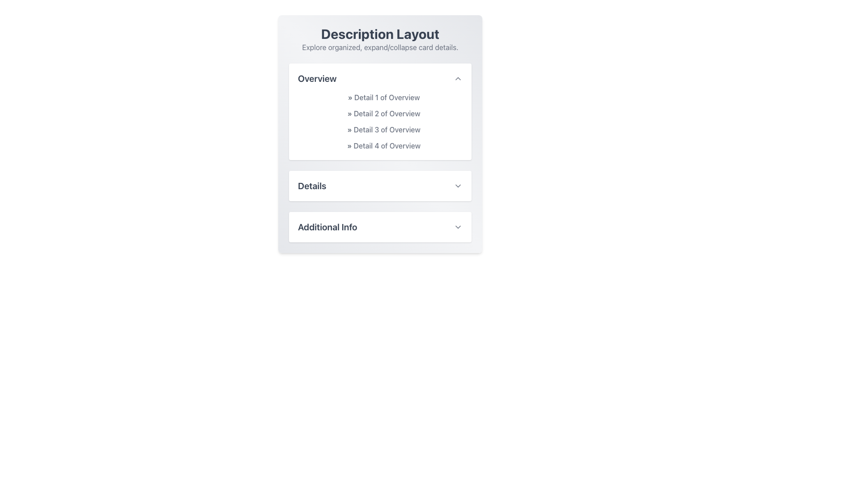  I want to click on the dropdown activator button located to the far-right of the 'Details' text, so click(458, 186).